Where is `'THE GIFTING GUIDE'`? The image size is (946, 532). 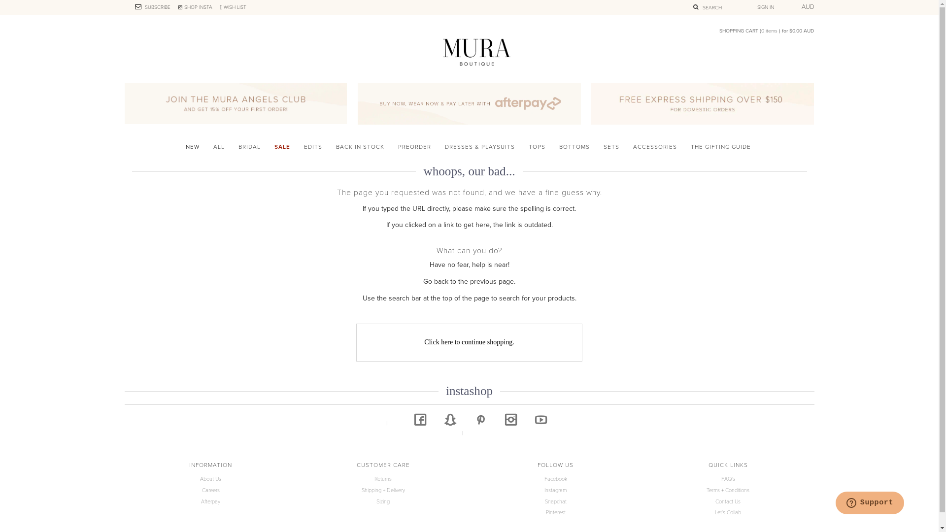 'THE GIFTING GUIDE' is located at coordinates (721, 147).